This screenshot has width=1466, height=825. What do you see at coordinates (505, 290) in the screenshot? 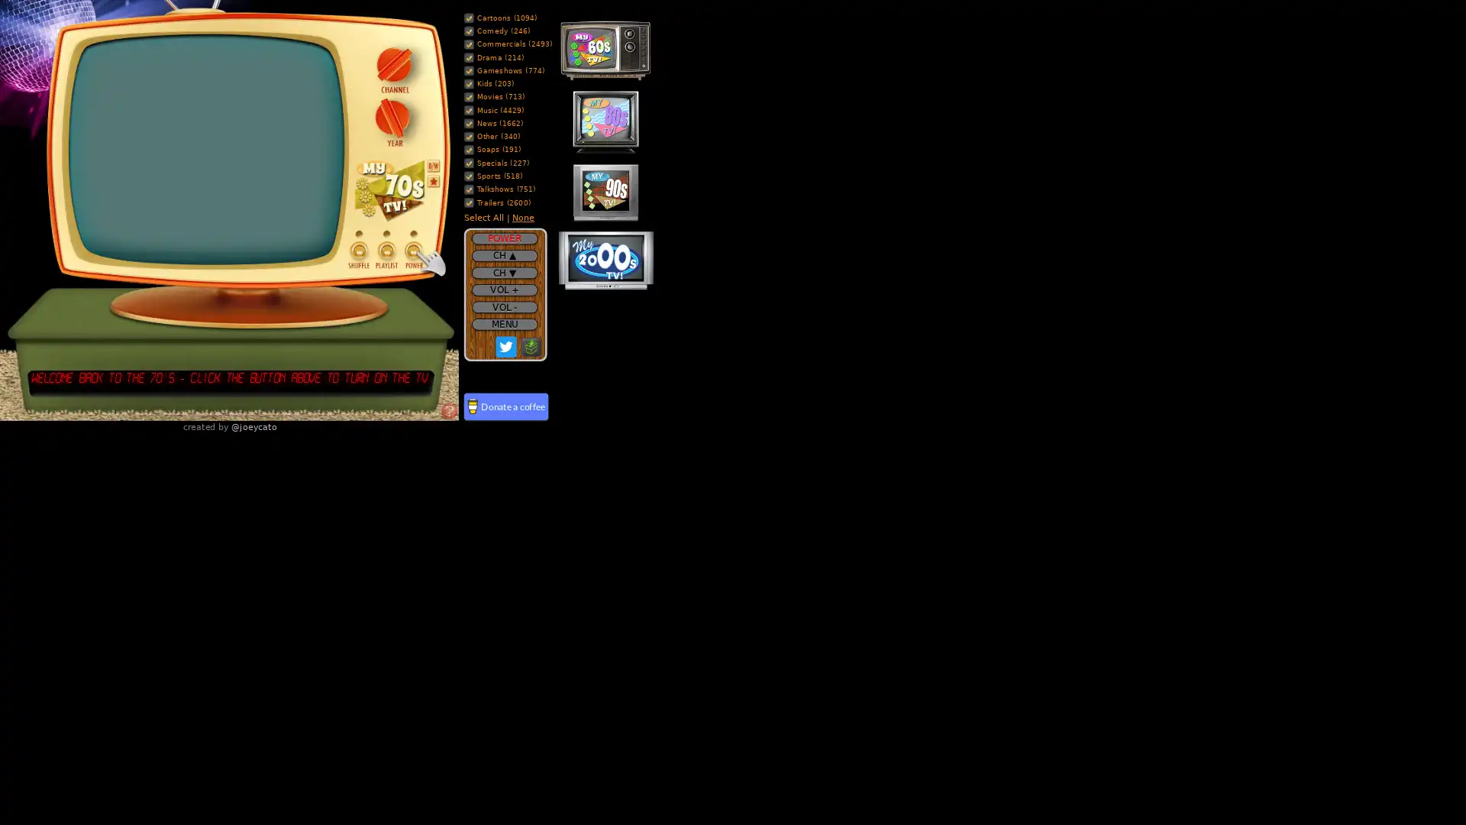
I see `VOL +` at bounding box center [505, 290].